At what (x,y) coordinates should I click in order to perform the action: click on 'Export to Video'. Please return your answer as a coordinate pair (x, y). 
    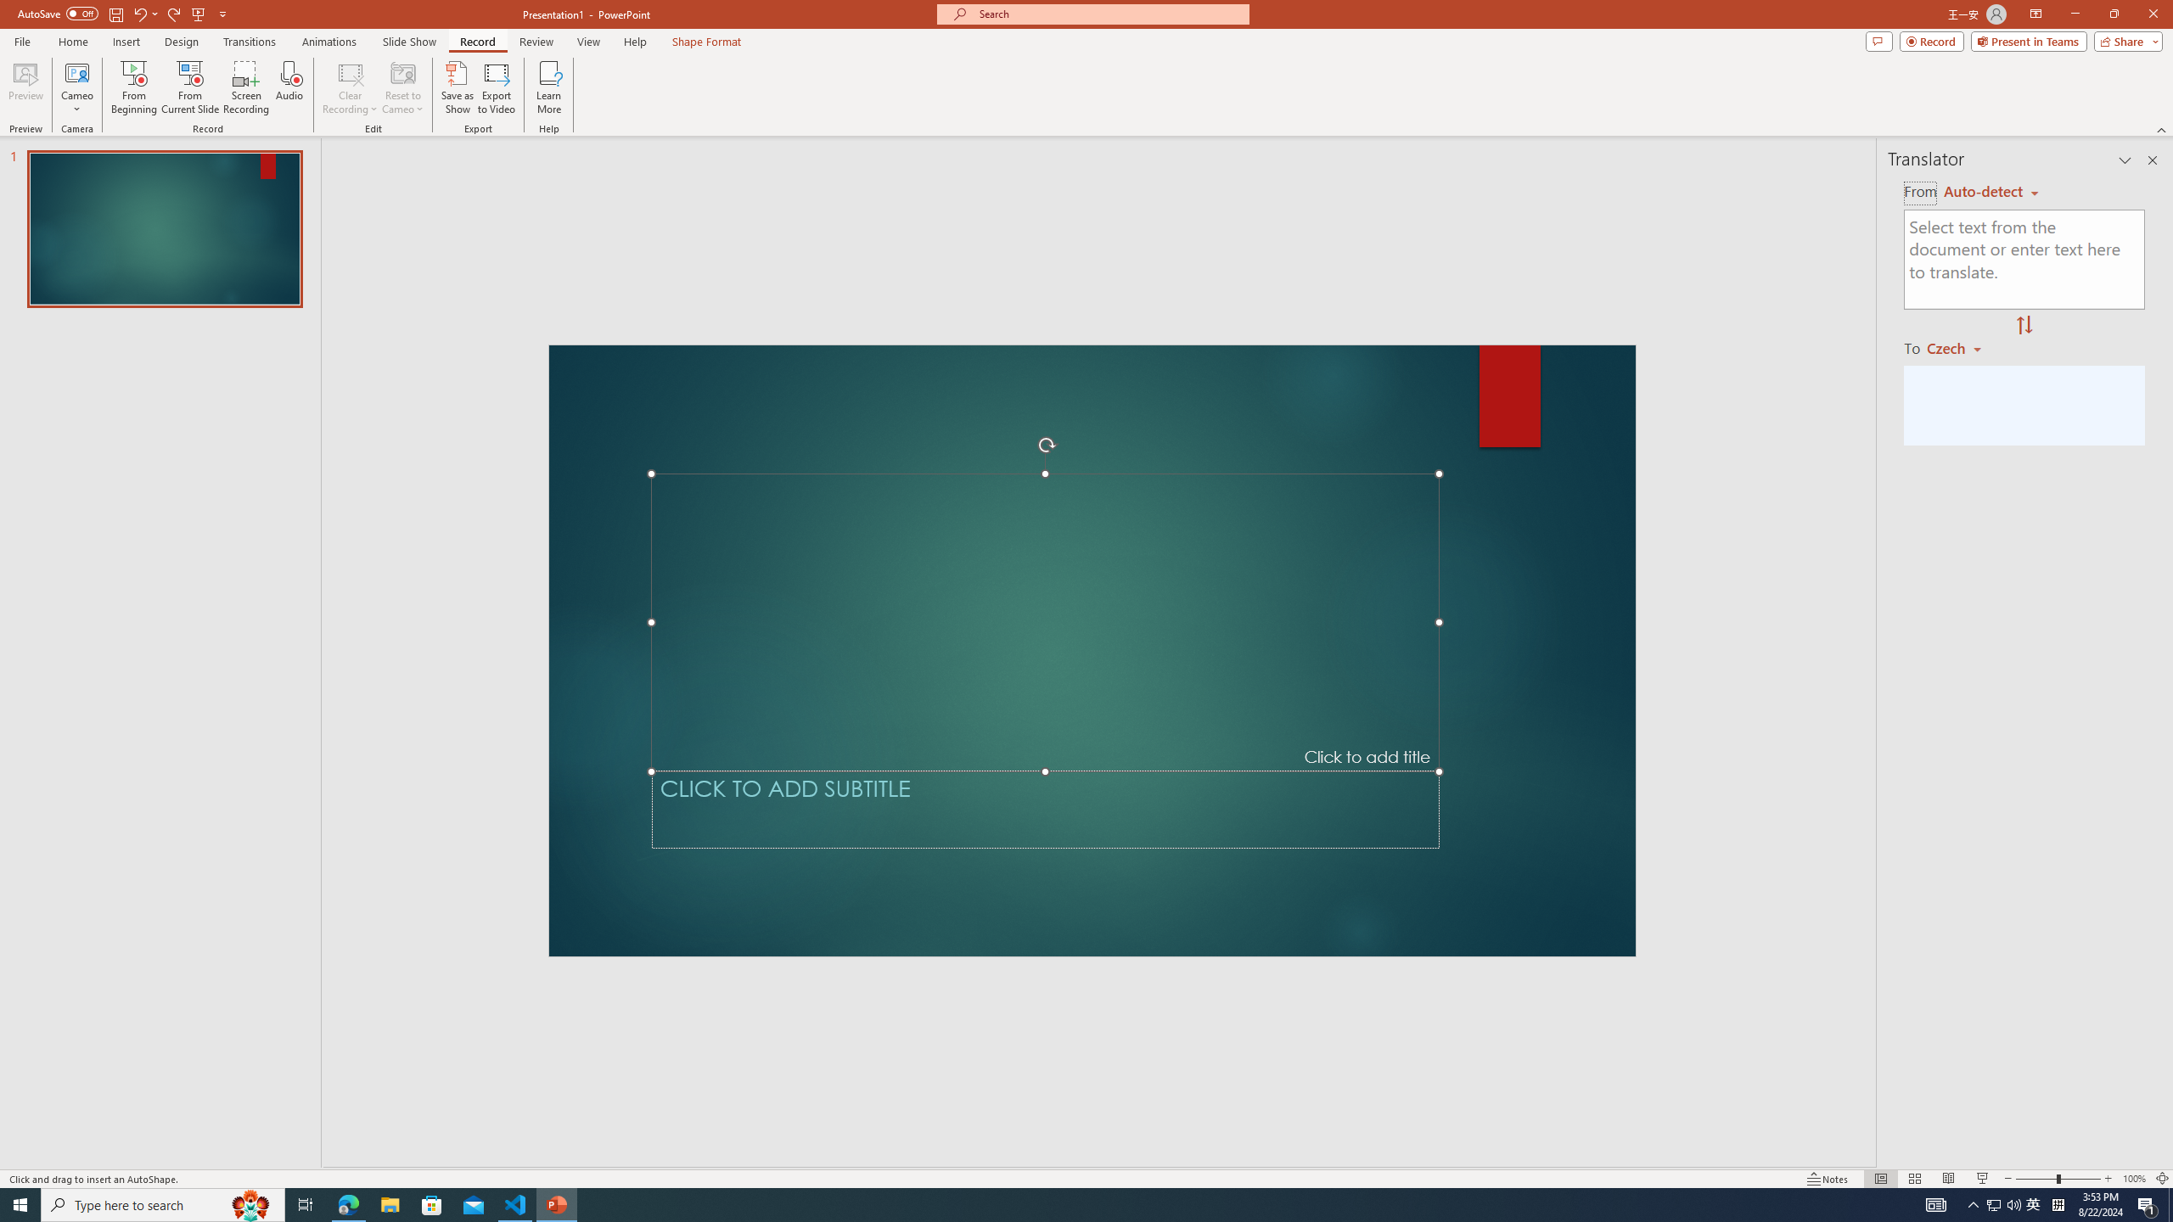
    Looking at the image, I should click on (495, 87).